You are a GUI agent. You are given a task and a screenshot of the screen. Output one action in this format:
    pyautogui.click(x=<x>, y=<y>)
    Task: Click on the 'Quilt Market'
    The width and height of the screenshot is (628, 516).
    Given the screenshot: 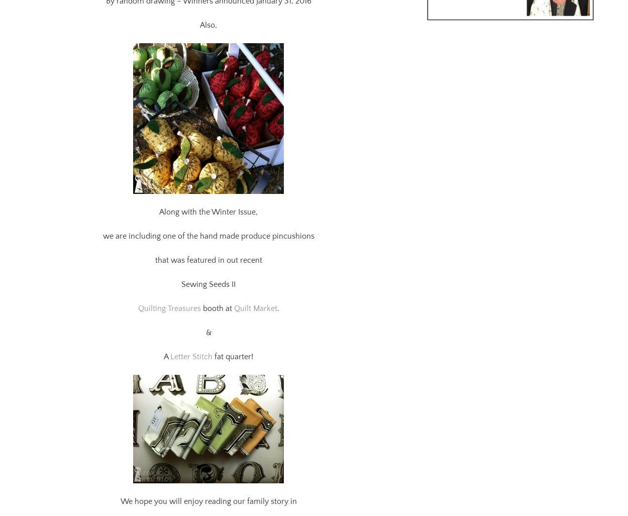 What is the action you would take?
    pyautogui.click(x=255, y=296)
    